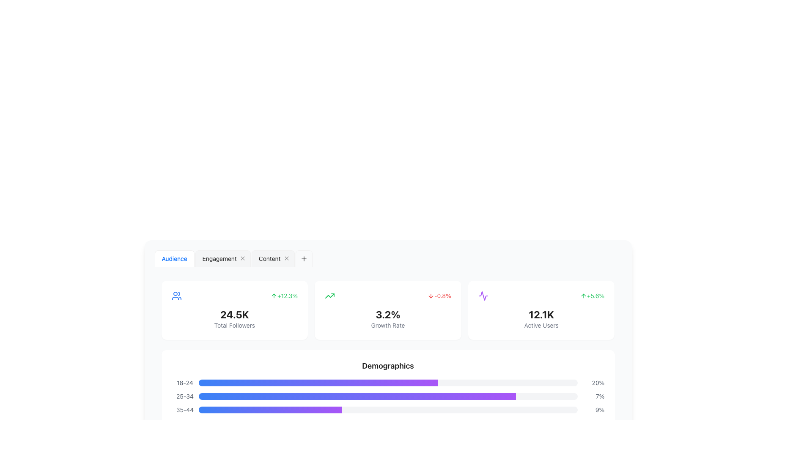  I want to click on the text label indicating the percentage value for the demographic group '35-44', which is located to the far right of the demographic section row, so click(590, 410).